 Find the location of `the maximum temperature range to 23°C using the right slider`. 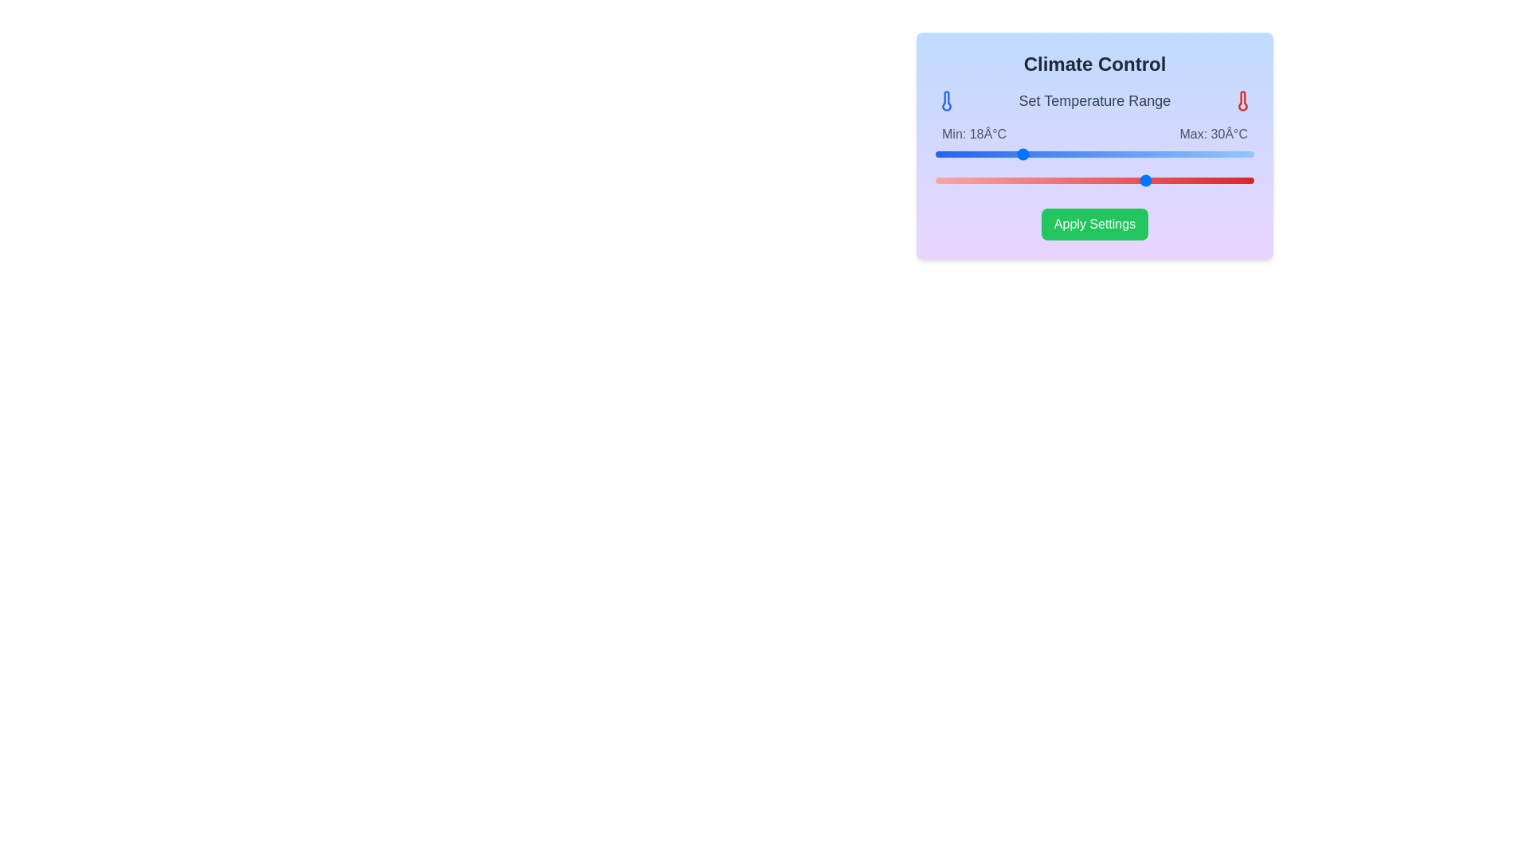

the maximum temperature range to 23°C using the right slider is located at coordinates (1073, 180).